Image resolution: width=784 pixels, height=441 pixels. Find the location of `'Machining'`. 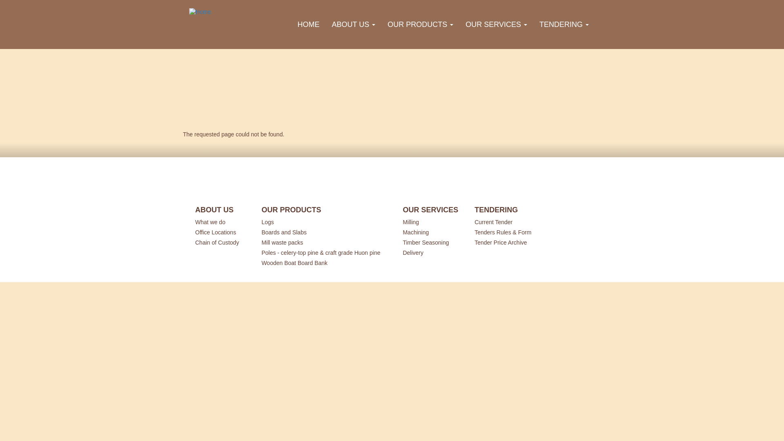

'Machining' is located at coordinates (402, 232).